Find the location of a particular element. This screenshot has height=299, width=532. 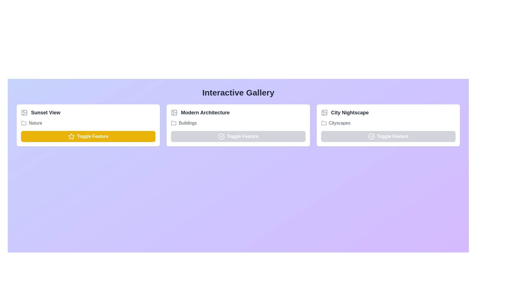

the SVG rectangle with rounded corners and a gray border located in the third card titled 'City Nightscape' is located at coordinates (324, 112).